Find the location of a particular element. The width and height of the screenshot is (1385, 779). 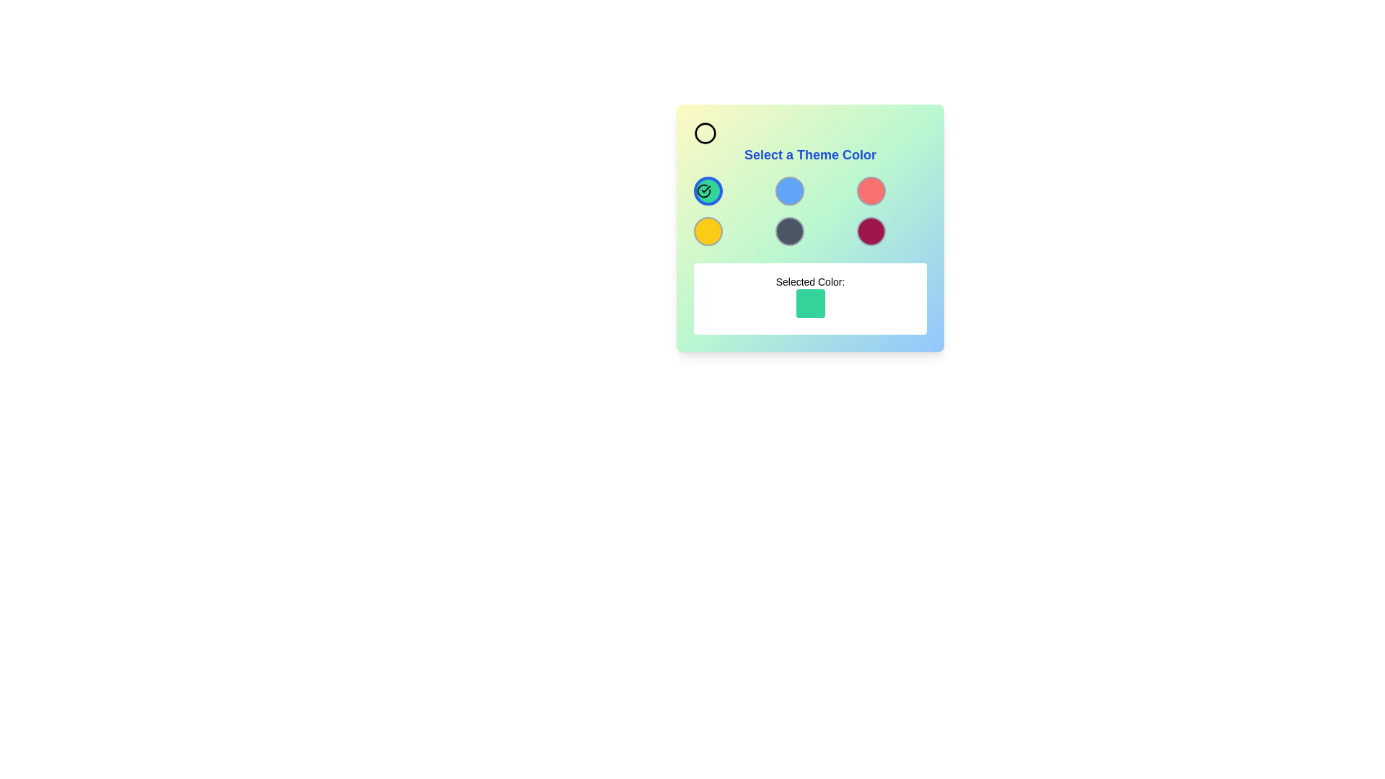

the circular button with a yellow background and gray border located in the bottom-left cell of a 3x3 grid is located at coordinates (708, 230).